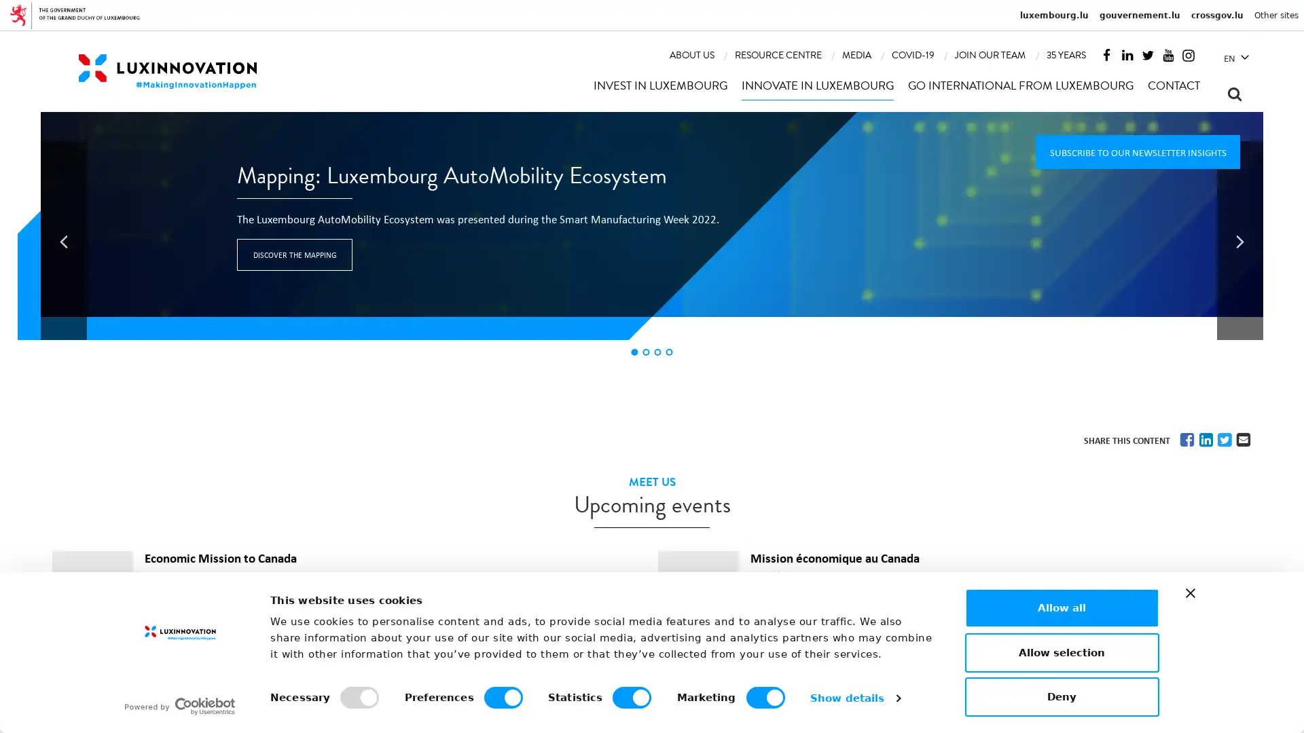 This screenshot has height=733, width=1304. I want to click on Previous, so click(63, 240).